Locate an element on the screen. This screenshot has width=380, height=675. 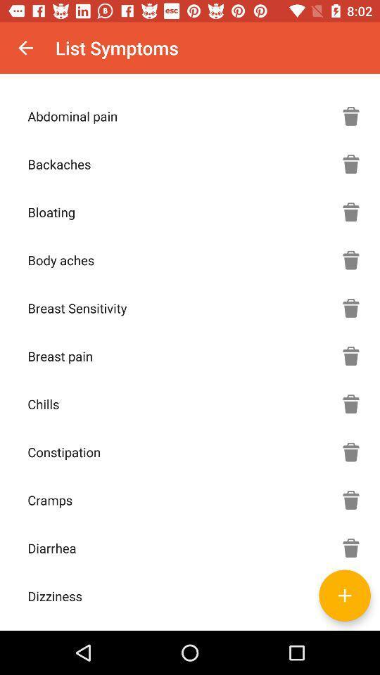
delete is located at coordinates (350, 451).